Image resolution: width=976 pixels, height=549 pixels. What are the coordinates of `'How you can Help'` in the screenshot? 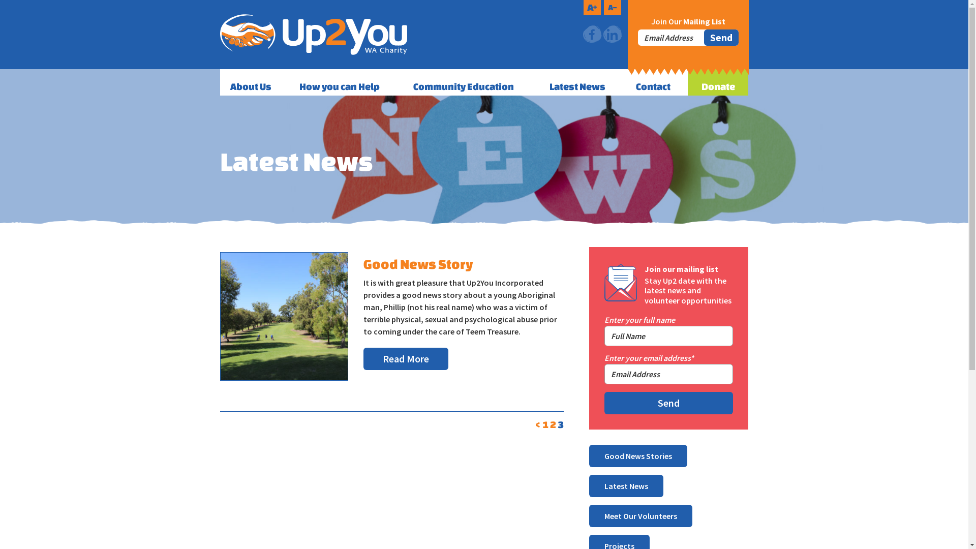 It's located at (346, 82).